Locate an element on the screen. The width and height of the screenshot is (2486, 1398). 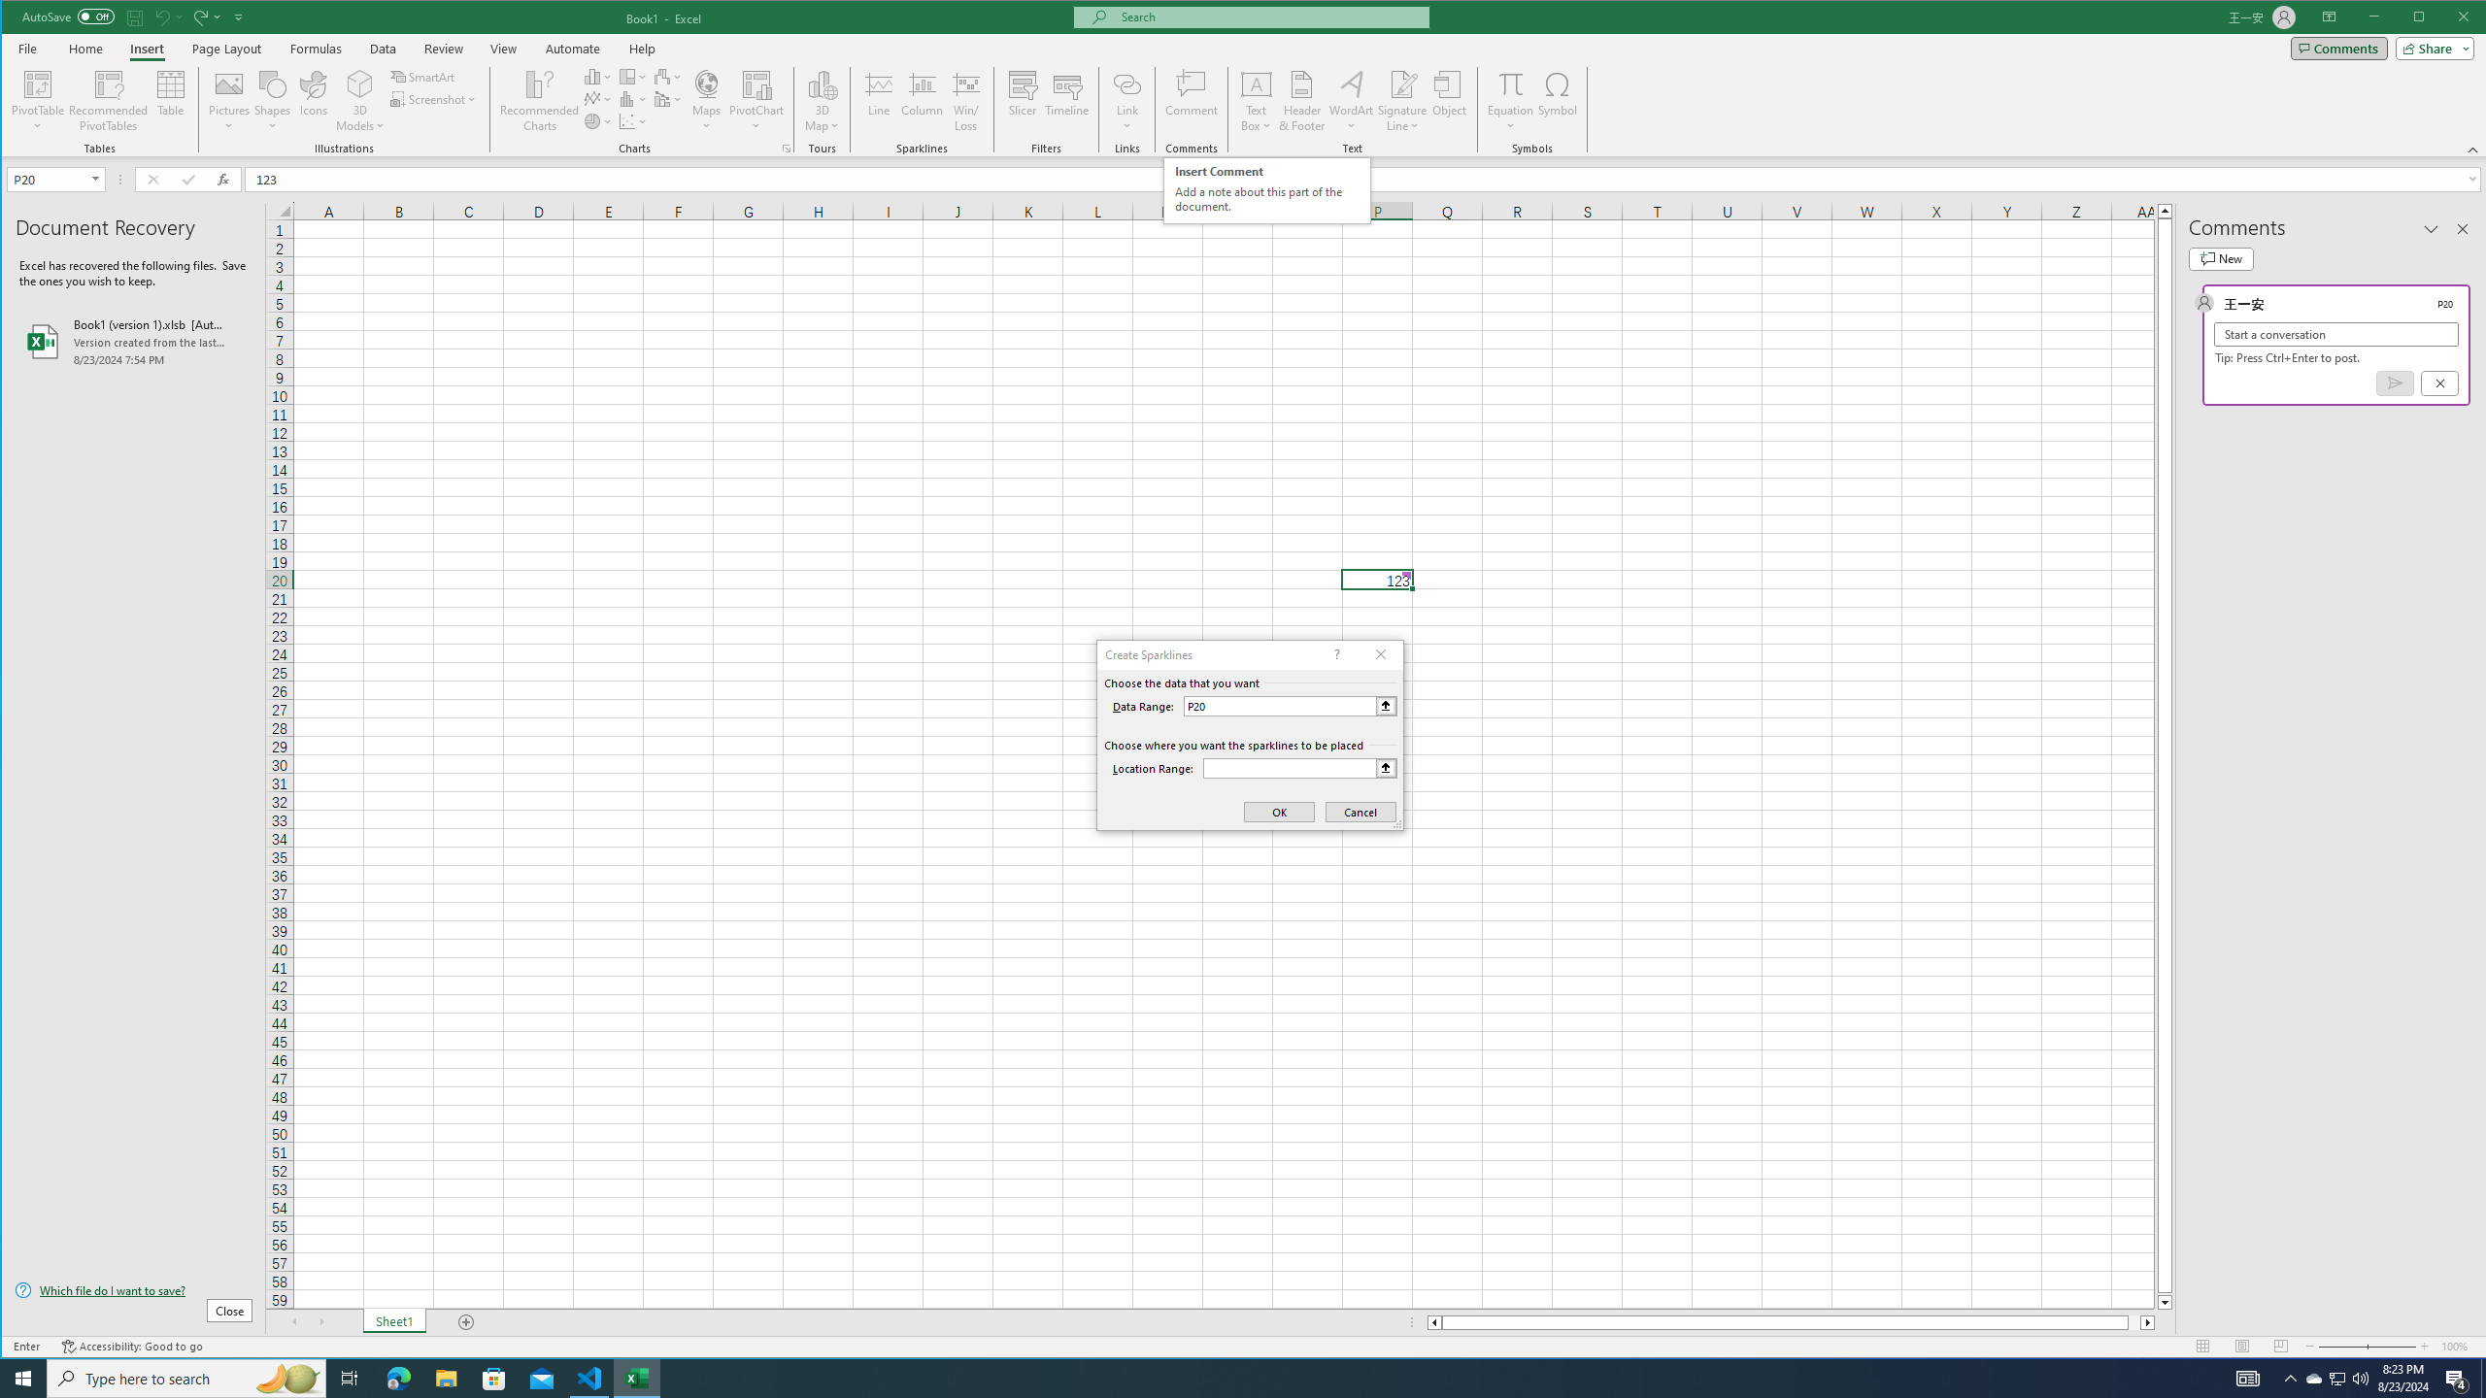
'3D Map' is located at coordinates (823, 83).